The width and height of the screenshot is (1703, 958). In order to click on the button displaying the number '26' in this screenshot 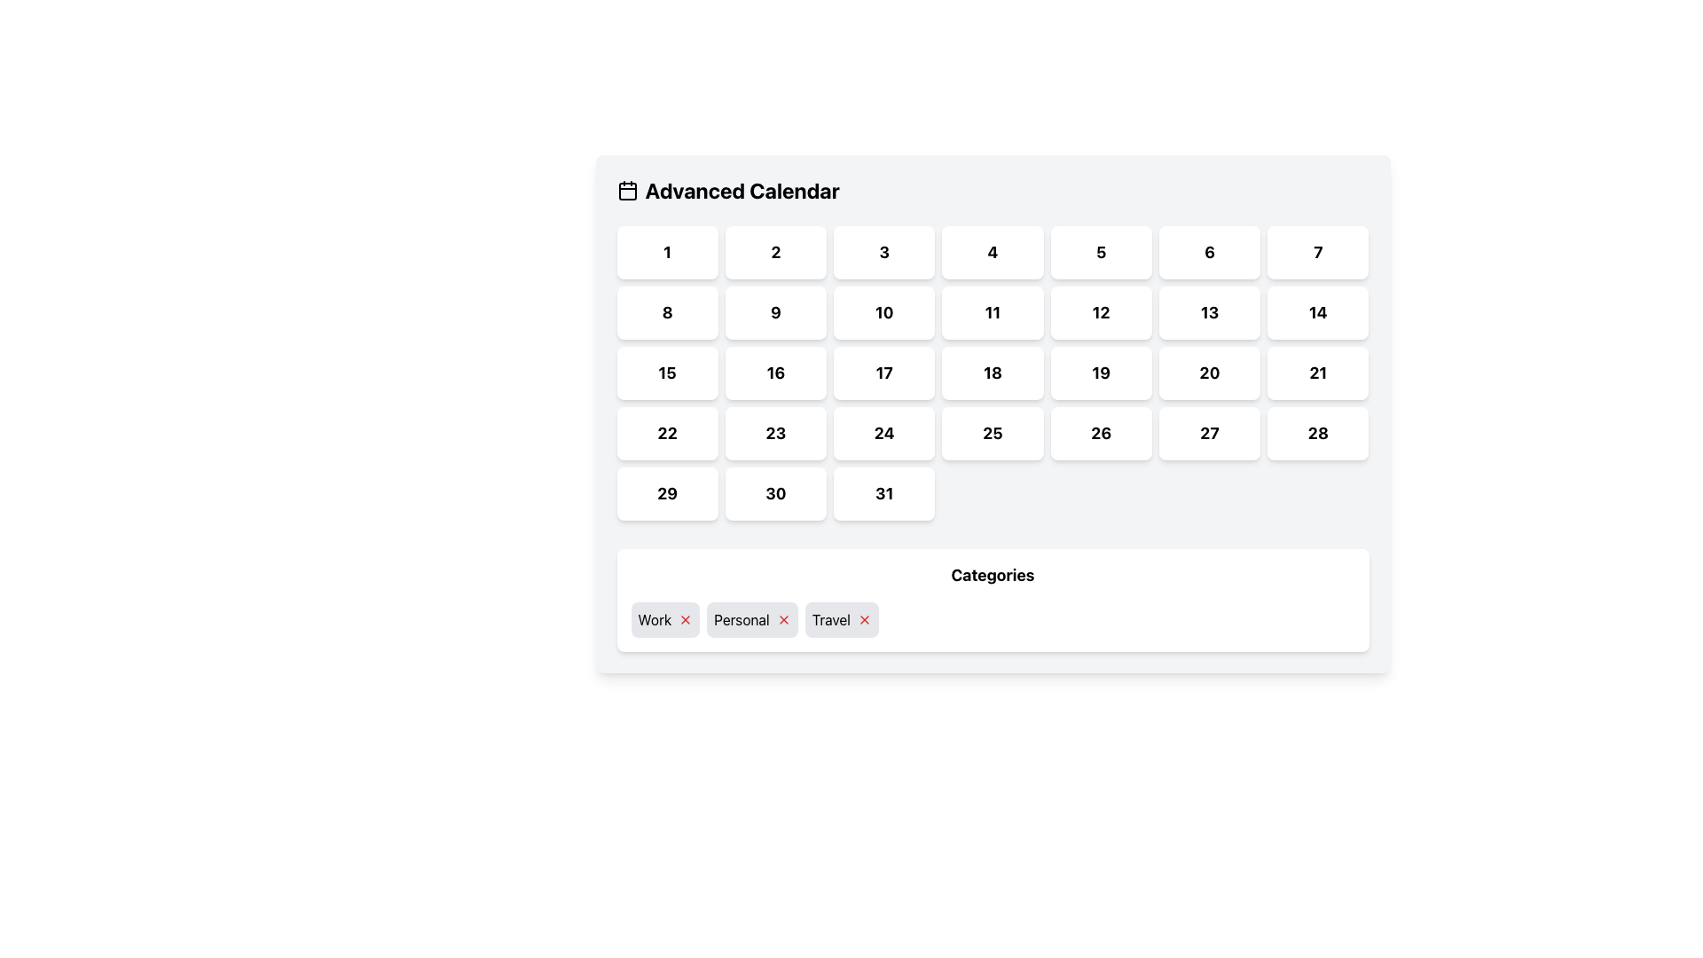, I will do `click(1100, 434)`.